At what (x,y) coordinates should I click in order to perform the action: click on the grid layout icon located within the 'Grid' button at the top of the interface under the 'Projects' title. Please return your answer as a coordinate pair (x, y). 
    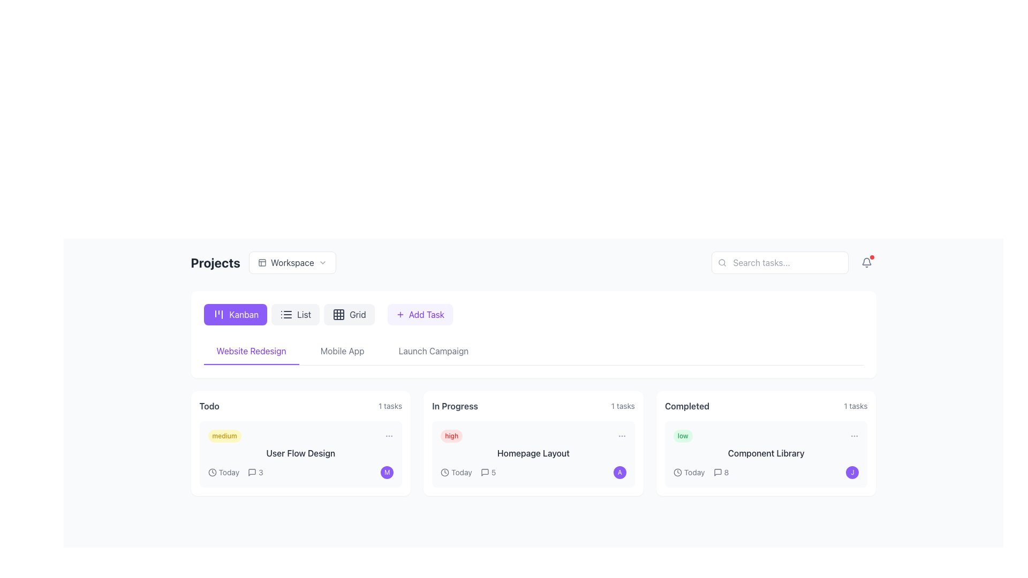
    Looking at the image, I should click on (338, 314).